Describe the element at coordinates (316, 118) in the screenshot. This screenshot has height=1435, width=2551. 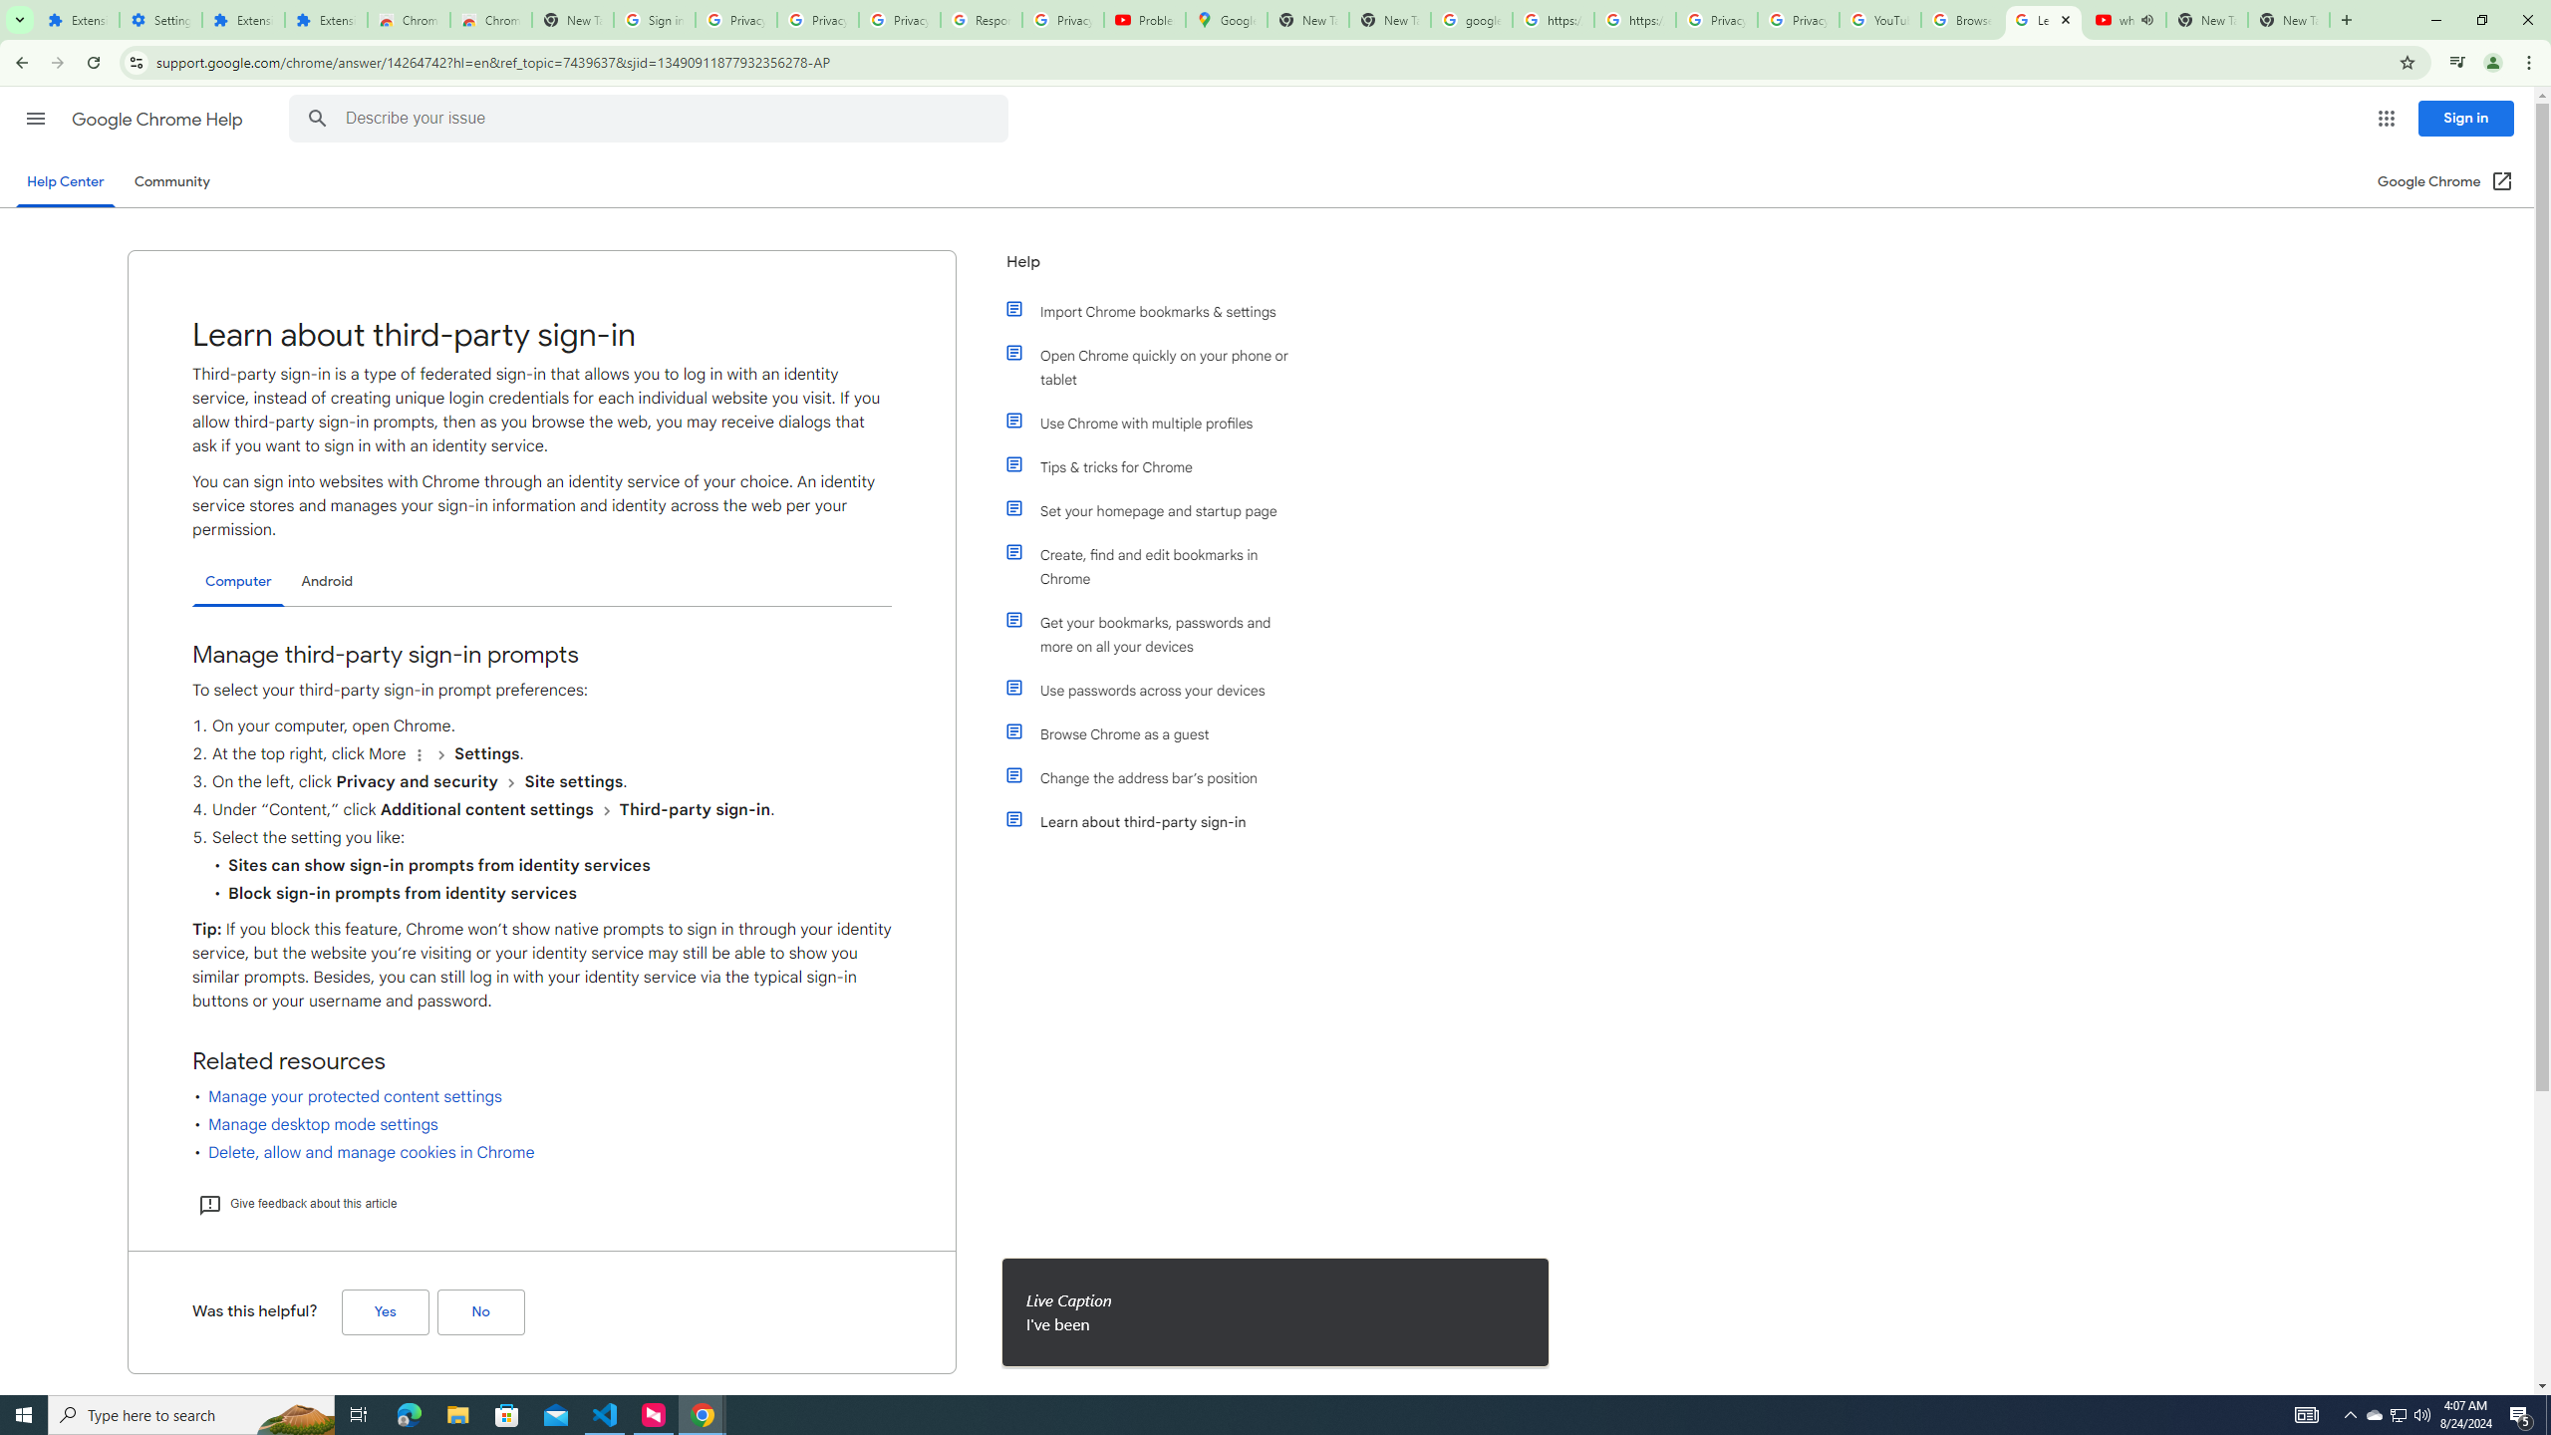
I see `'Search Help Center'` at that location.